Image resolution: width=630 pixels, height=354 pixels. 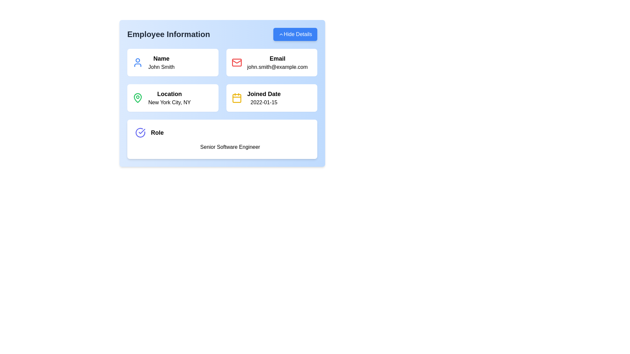 I want to click on the green location pin icon, specifically the outer curved portion of the pin body within the 'Location' box on the 'Employee Information' card, so click(x=137, y=97).